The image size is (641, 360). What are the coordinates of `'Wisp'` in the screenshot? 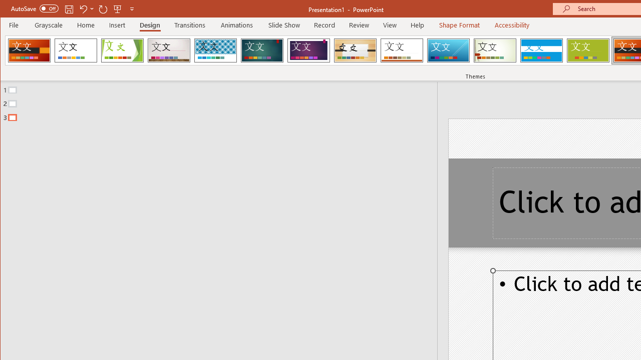 It's located at (495, 50).